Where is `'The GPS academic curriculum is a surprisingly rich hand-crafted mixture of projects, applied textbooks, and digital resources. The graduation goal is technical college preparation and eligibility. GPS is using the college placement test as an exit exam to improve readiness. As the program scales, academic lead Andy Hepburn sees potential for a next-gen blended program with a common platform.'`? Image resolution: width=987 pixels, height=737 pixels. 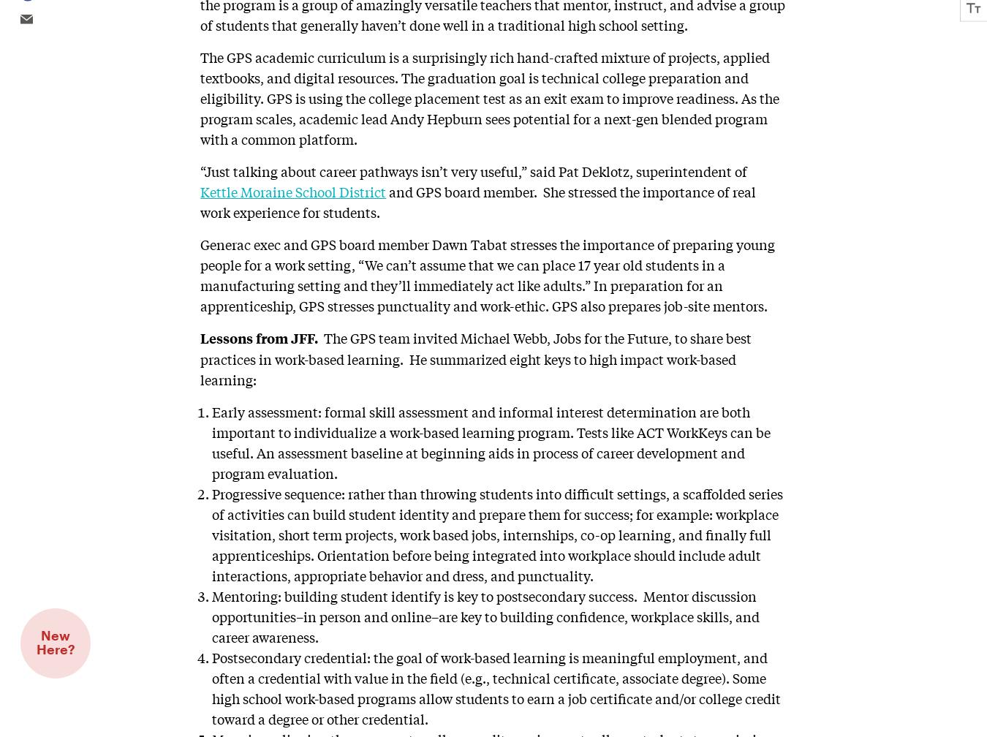 'The GPS academic curriculum is a surprisingly rich hand-crafted mixture of projects, applied textbooks, and digital resources. The graduation goal is technical college preparation and eligibility. GPS is using the college placement test as an exit exam to improve readiness. As the program scales, academic lead Andy Hepburn sees potential for a next-gen blended program with a common platform.' is located at coordinates (490, 97).